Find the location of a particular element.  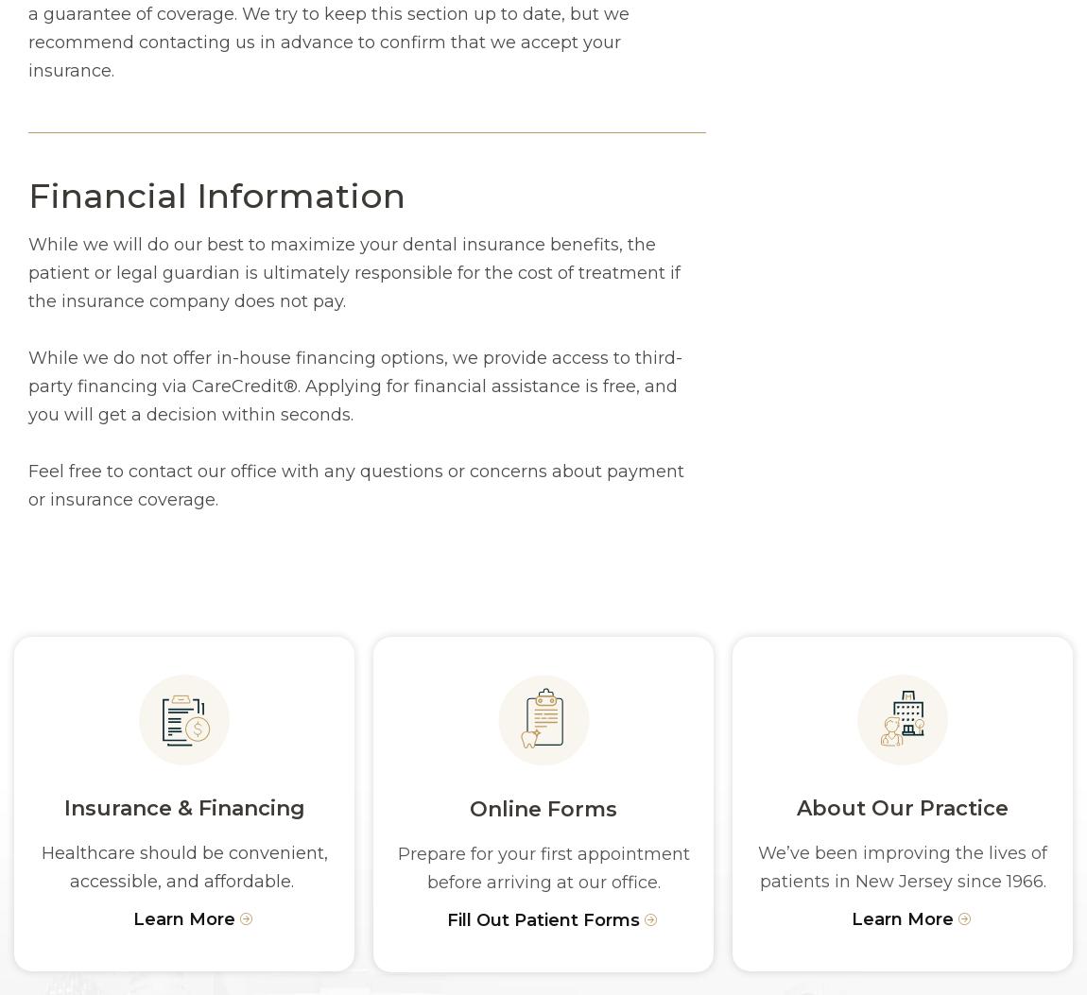

'Online Forms' is located at coordinates (543, 808).